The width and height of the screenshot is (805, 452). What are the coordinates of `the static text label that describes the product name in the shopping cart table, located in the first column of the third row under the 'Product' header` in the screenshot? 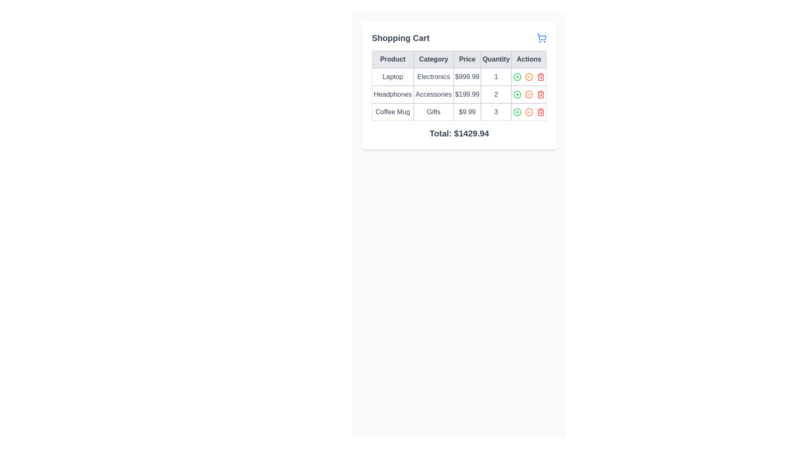 It's located at (392, 111).